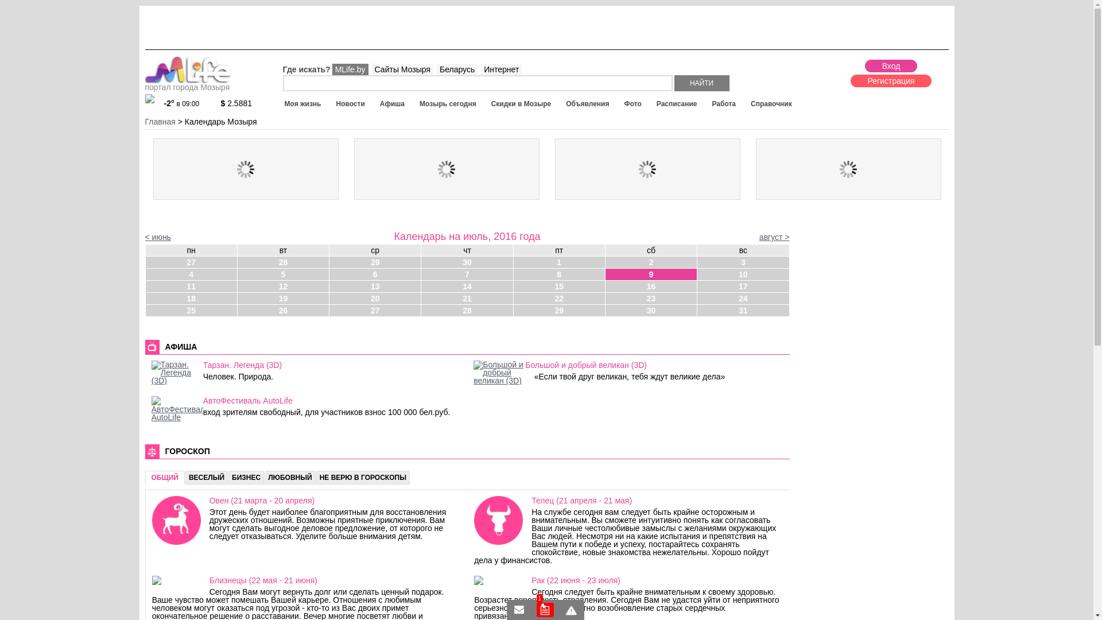 The height and width of the screenshot is (620, 1102). What do you see at coordinates (283, 274) in the screenshot?
I see `'5'` at bounding box center [283, 274].